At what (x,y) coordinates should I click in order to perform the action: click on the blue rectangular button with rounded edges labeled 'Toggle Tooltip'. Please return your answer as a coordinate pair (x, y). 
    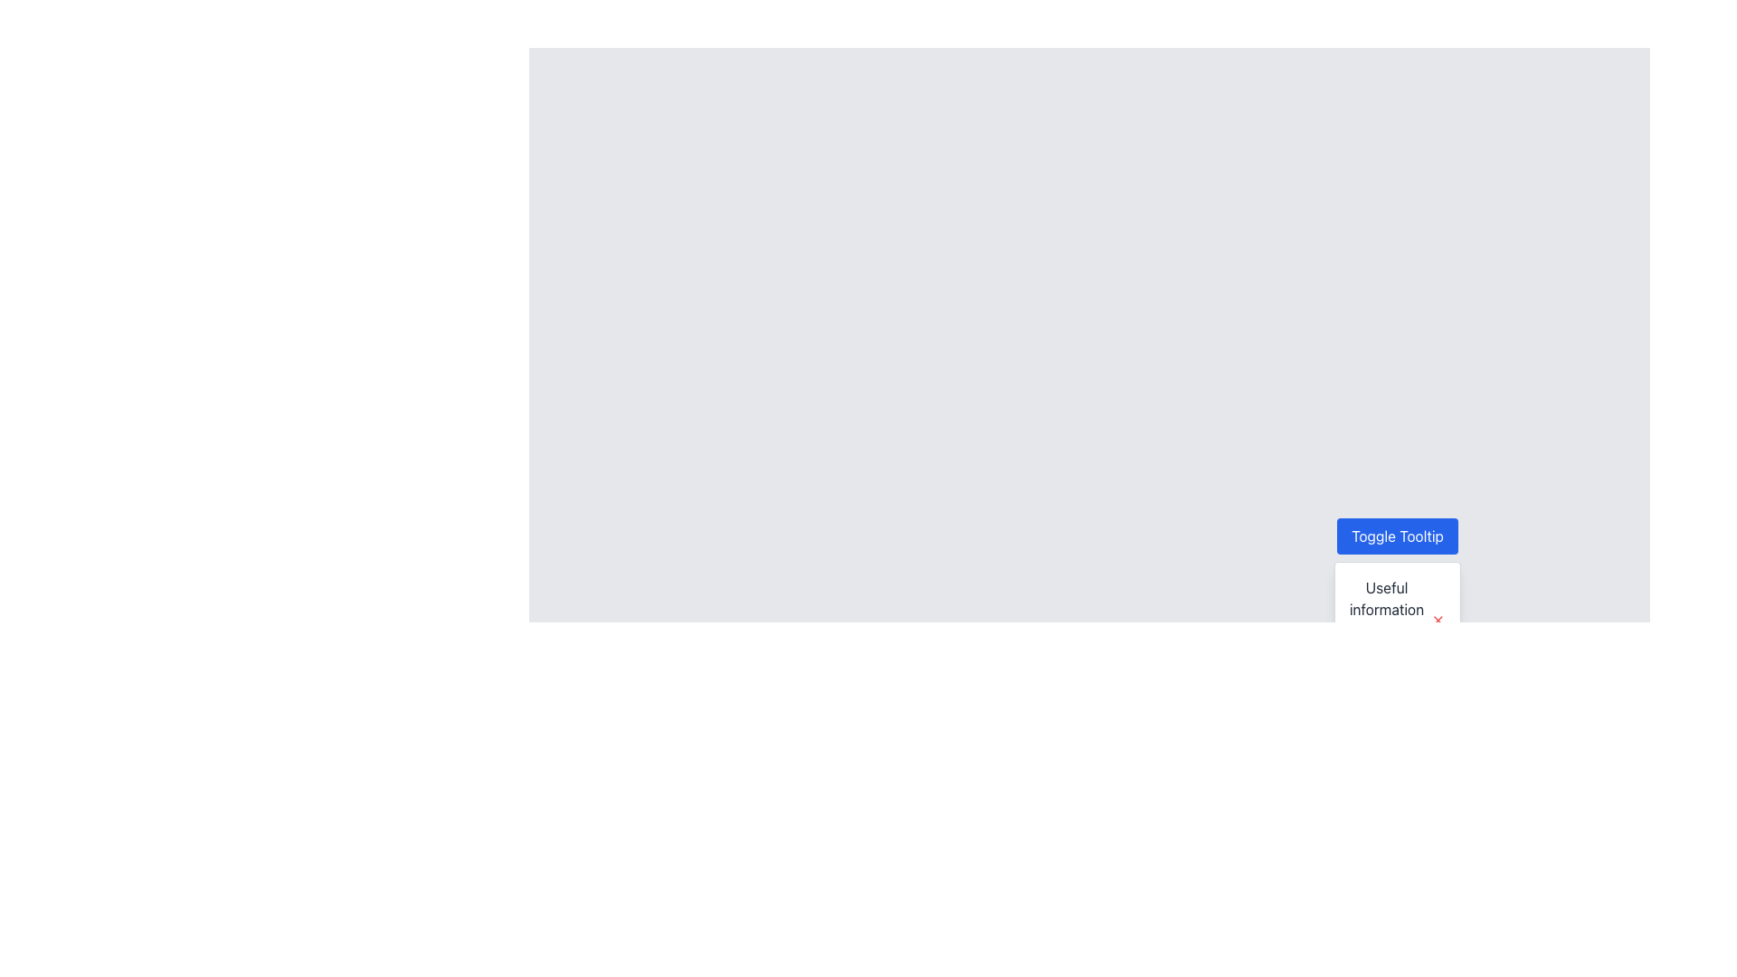
    Looking at the image, I should click on (1397, 536).